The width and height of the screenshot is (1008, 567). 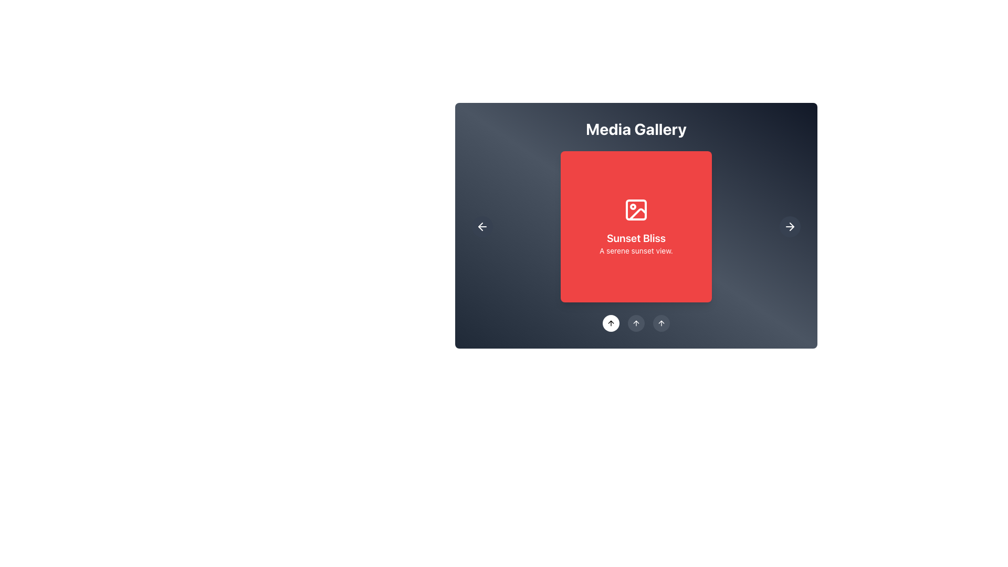 I want to click on the small circular button with a dark gray background and a white upward-pointing arrow icon, located below the 'Sunset Bliss' media description box, so click(x=635, y=323).